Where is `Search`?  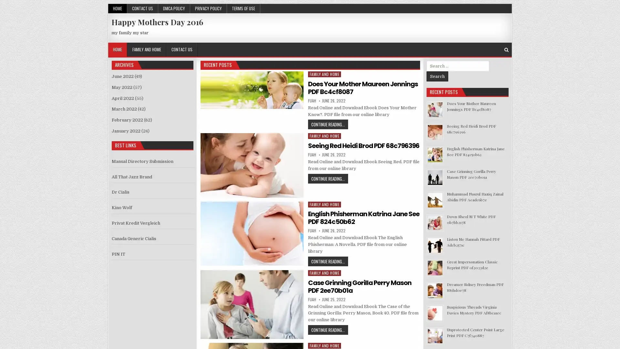 Search is located at coordinates (437, 76).